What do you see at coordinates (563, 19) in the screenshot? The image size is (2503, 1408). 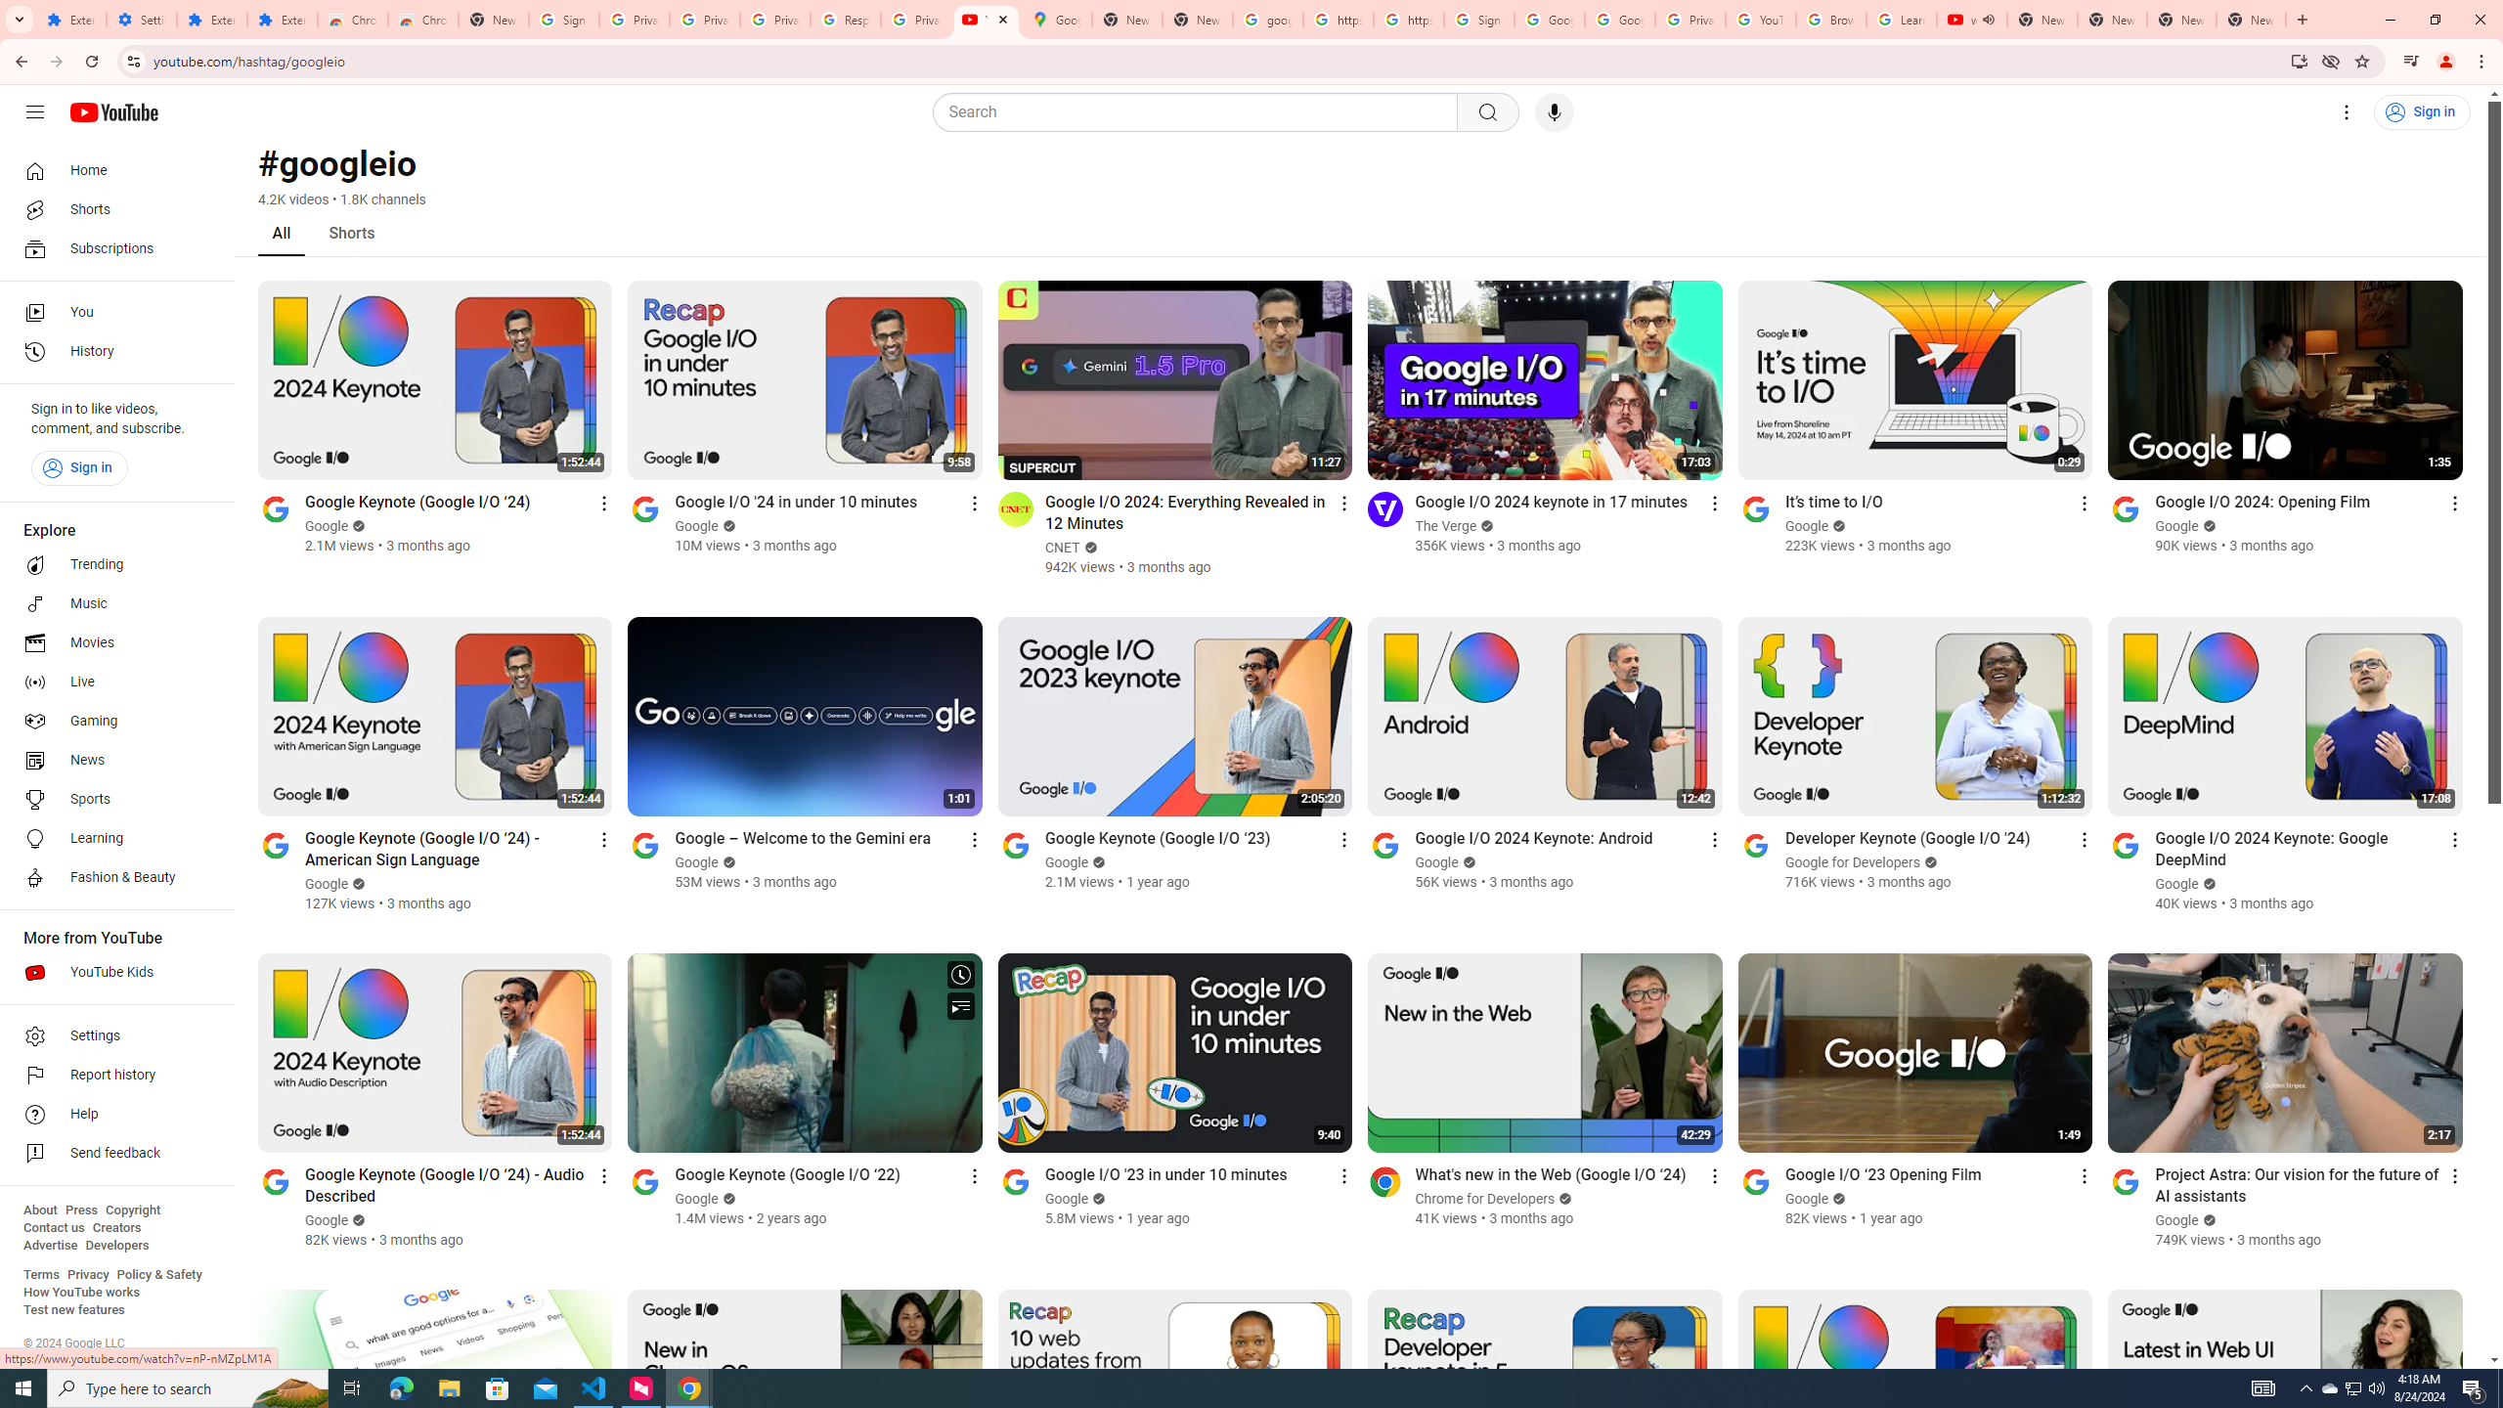 I see `'Sign in - Google Accounts'` at bounding box center [563, 19].